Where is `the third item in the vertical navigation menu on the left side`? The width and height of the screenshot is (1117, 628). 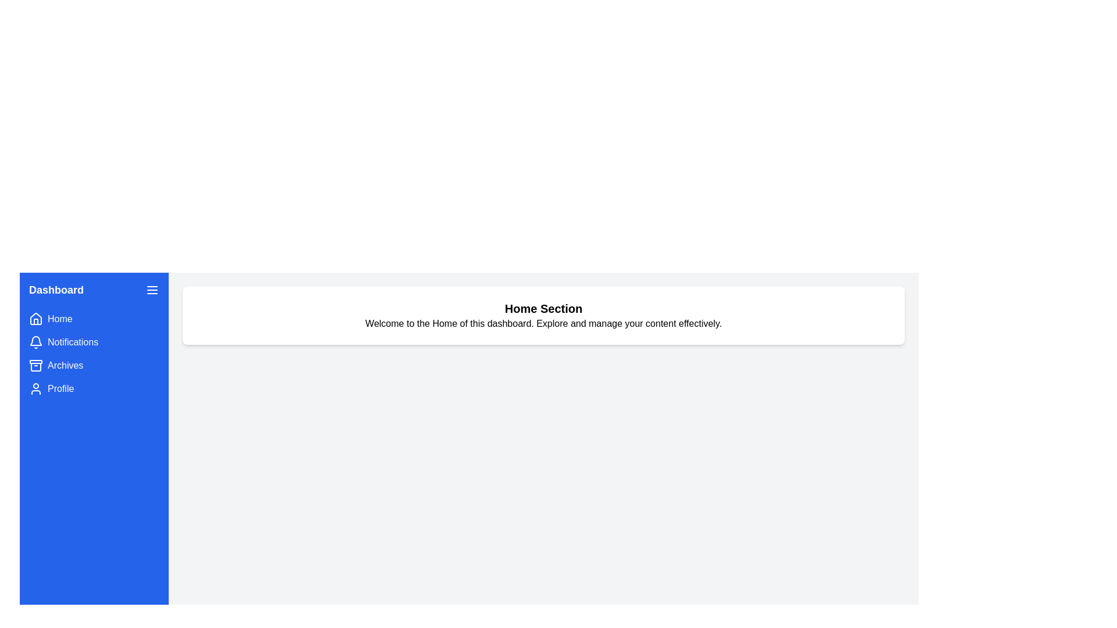
the third item in the vertical navigation menu on the left side is located at coordinates (94, 365).